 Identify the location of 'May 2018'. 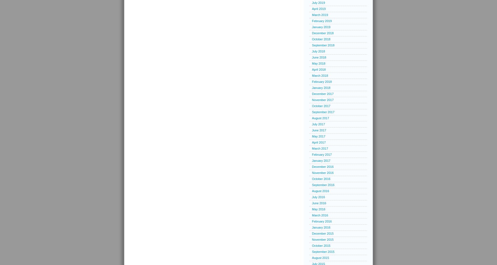
(318, 63).